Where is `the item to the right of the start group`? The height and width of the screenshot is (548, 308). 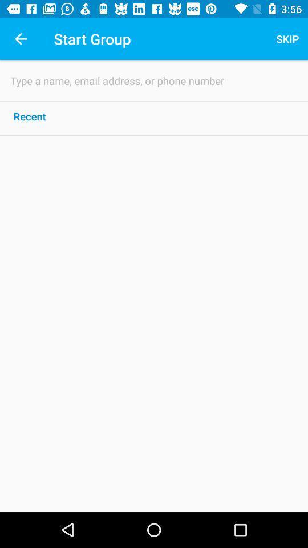 the item to the right of the start group is located at coordinates (287, 39).